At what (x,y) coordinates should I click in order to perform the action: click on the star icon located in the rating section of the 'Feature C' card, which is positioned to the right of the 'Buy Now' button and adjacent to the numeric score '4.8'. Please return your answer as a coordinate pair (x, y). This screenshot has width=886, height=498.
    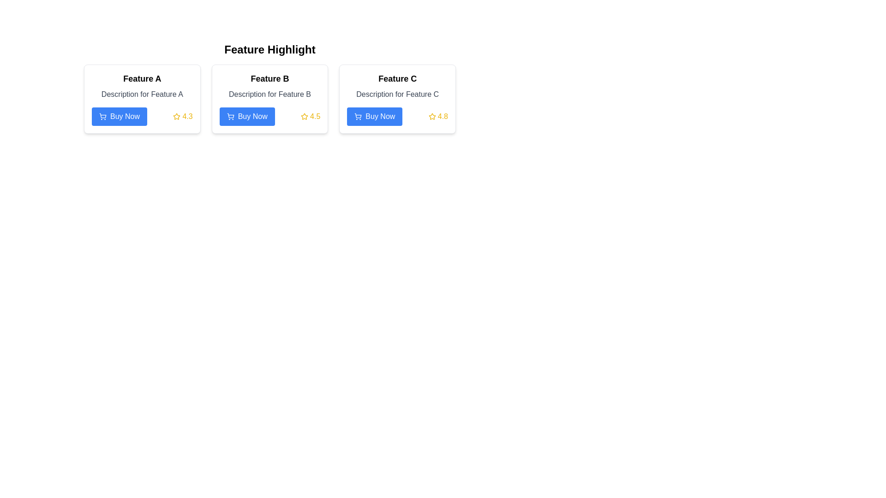
    Looking at the image, I should click on (431, 116).